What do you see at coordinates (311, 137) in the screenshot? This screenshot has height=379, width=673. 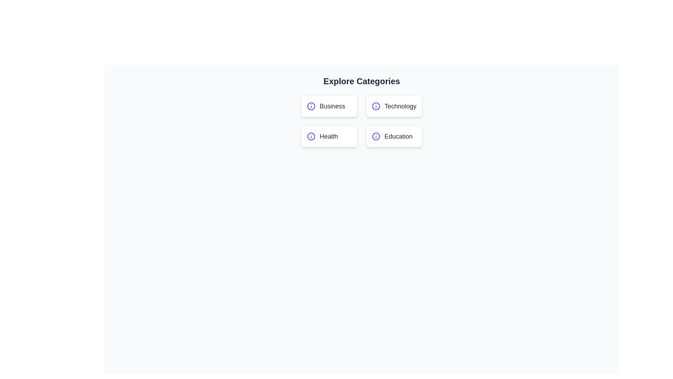 I see `the small circular blue outlined icon representing 'information' located to the left of the 'Health' text in the lower left quadrant of the grid layout` at bounding box center [311, 137].